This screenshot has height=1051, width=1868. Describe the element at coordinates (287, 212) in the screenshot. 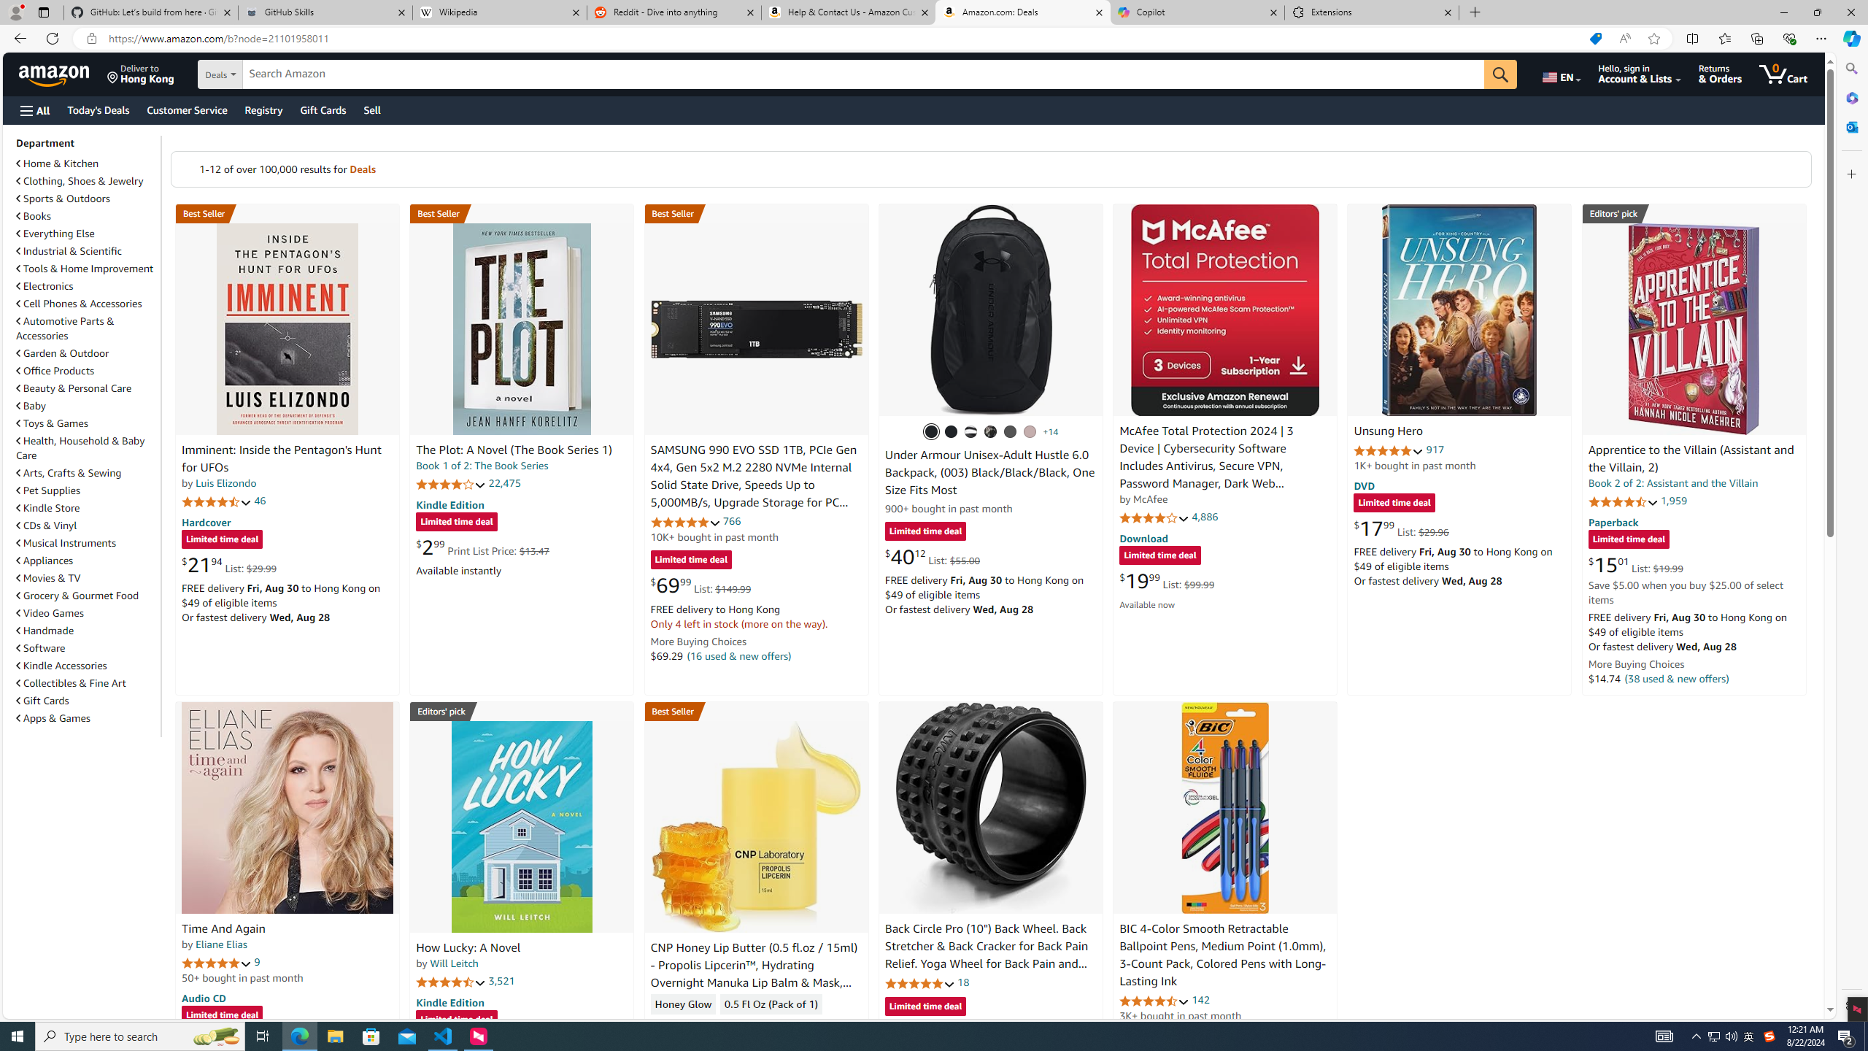

I see `'Best Seller in Unexplained Mysteries'` at that location.